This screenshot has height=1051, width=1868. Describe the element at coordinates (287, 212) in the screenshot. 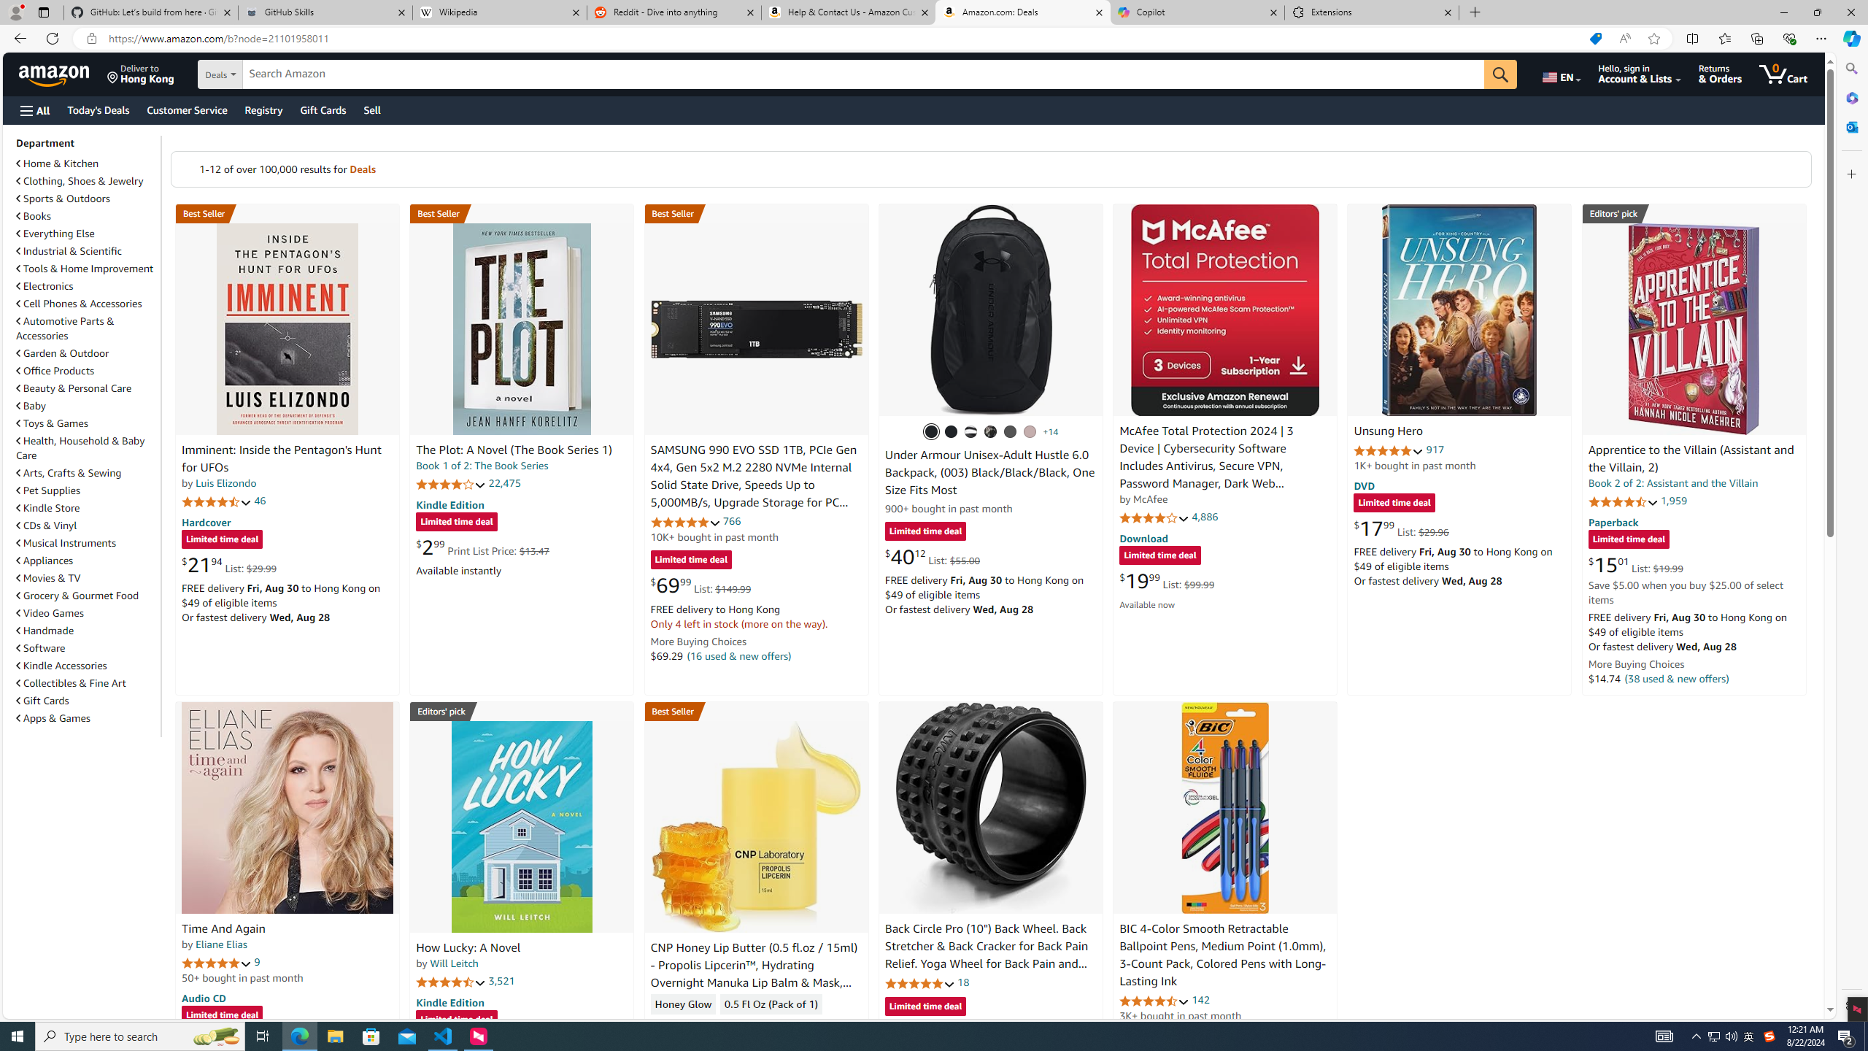

I see `'Best Seller in Unexplained Mysteries'` at that location.